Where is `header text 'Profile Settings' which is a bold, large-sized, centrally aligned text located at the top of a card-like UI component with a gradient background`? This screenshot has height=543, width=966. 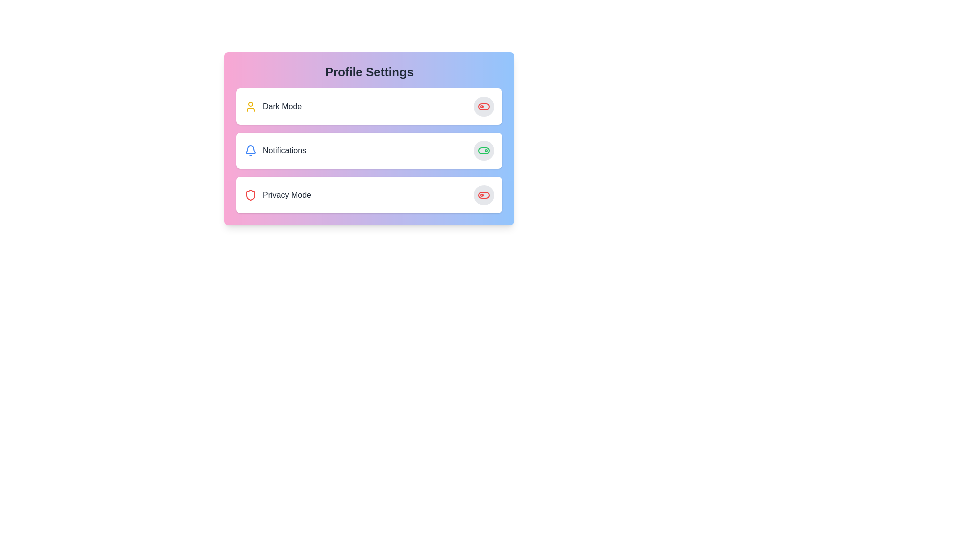 header text 'Profile Settings' which is a bold, large-sized, centrally aligned text located at the top of a card-like UI component with a gradient background is located at coordinates (369, 71).